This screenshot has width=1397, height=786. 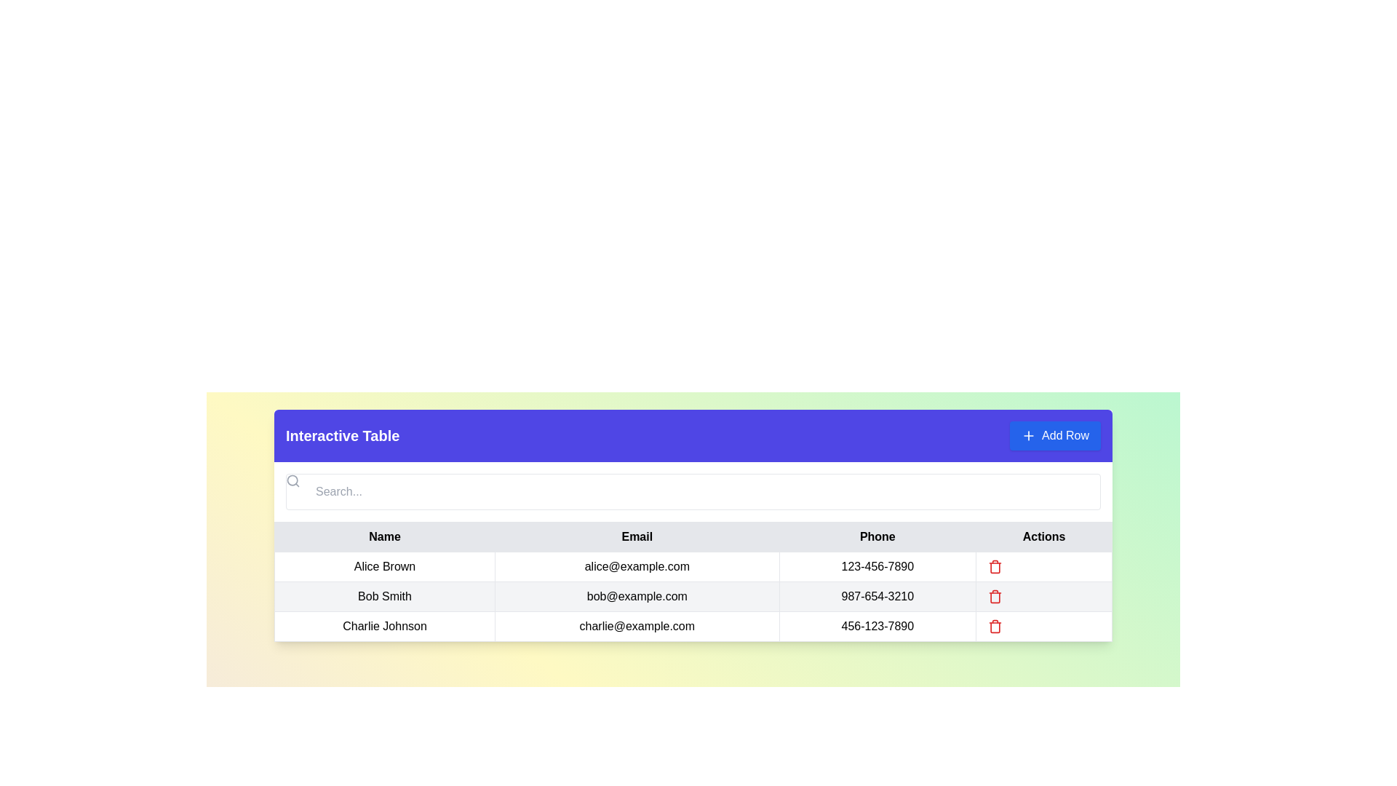 I want to click on the trash can icon in the 'Actions' column of the interactive table corresponding to 'Charlie Johnson' to initiate a delete action, so click(x=995, y=625).